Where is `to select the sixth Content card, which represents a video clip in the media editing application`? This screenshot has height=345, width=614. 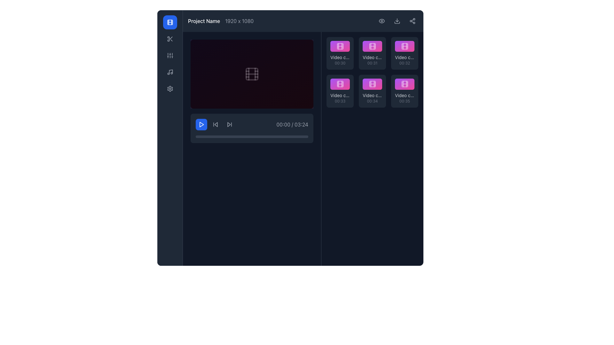 to select the sixth Content card, which represents a video clip in the media editing application is located at coordinates (404, 91).